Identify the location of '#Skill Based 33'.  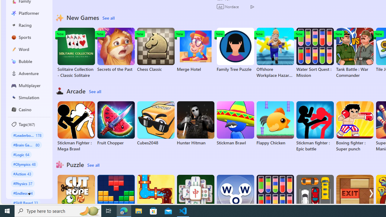
(25, 203).